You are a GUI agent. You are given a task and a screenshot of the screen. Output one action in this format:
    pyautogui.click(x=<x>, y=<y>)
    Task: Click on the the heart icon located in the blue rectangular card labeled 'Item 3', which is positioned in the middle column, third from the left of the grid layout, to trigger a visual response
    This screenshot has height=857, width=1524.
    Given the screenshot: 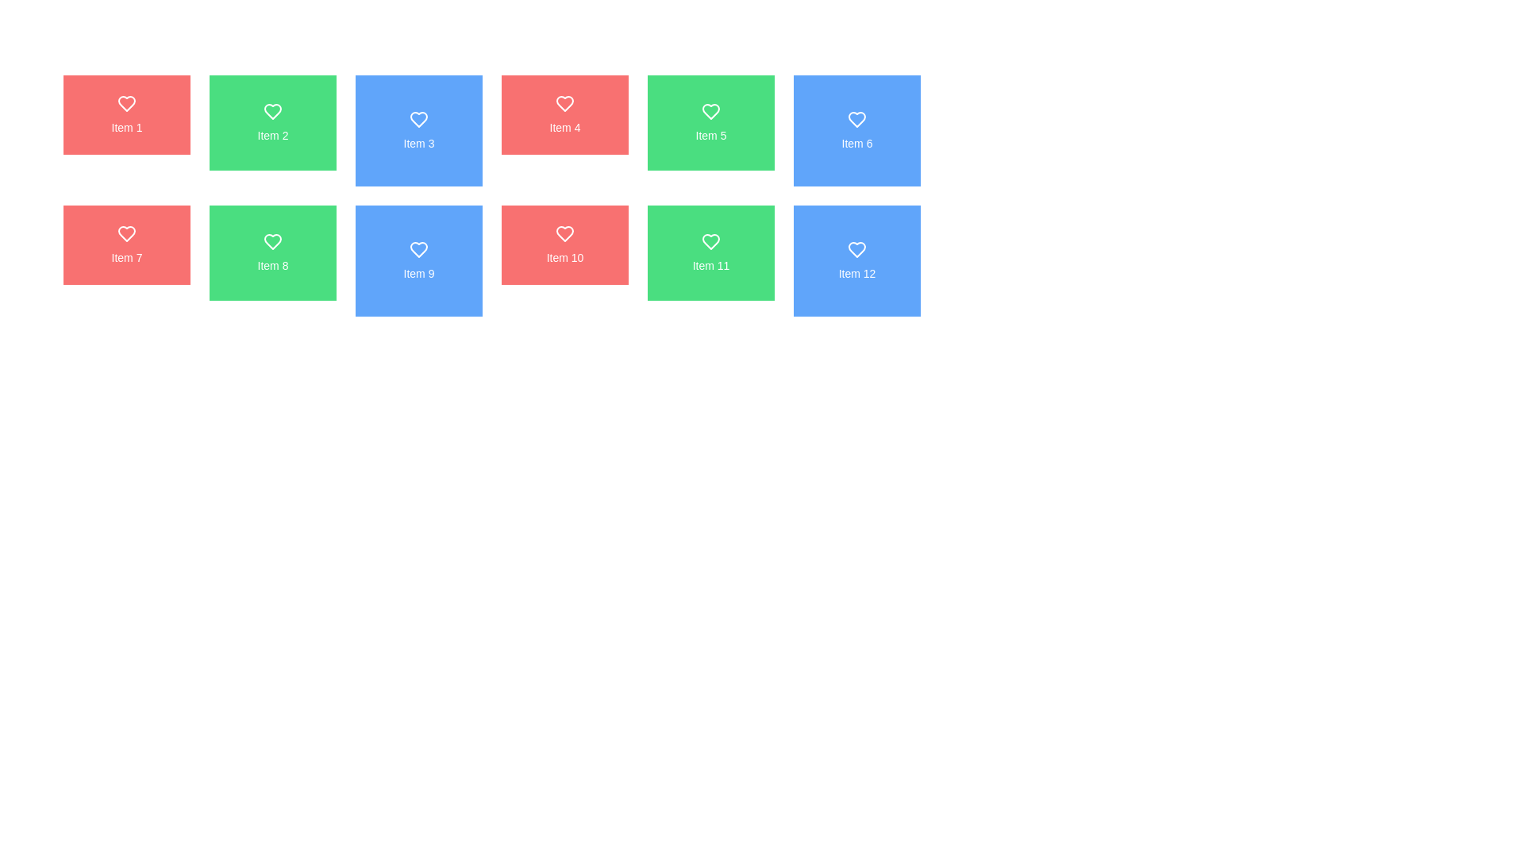 What is the action you would take?
    pyautogui.click(x=419, y=118)
    